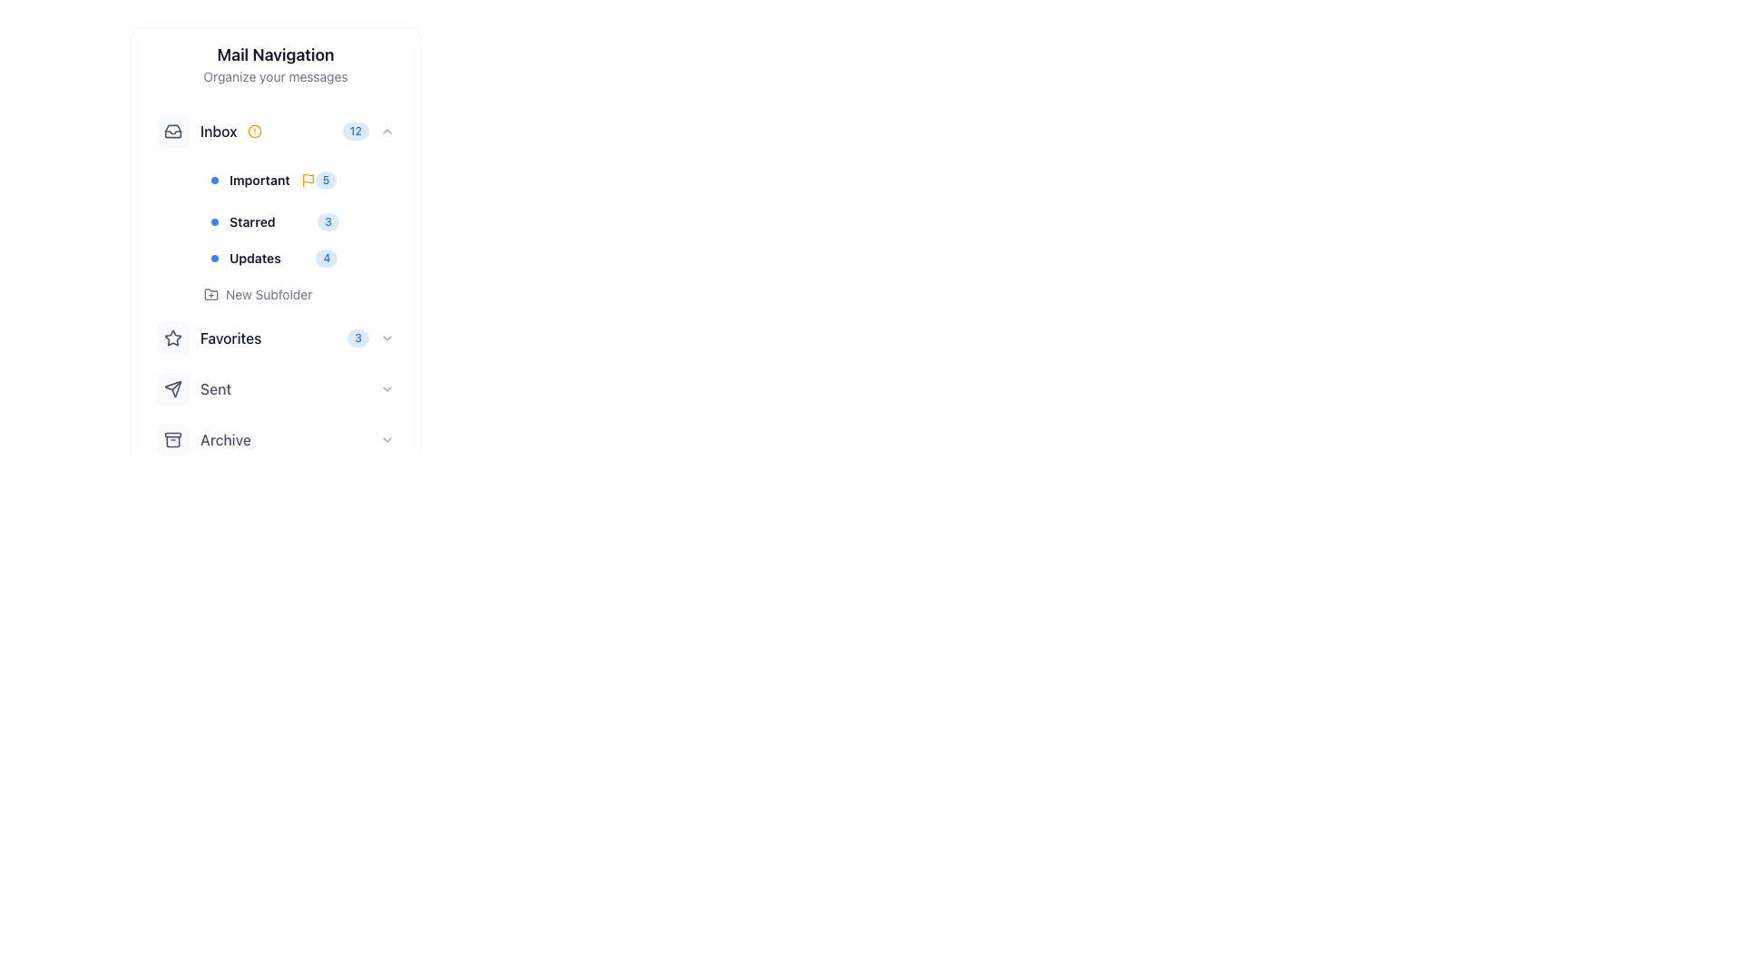 This screenshot has width=1742, height=980. What do you see at coordinates (254, 131) in the screenshot?
I see `the outermost circle of the SVG alert icon located next to the 'Inbox' label in the navigation panel` at bounding box center [254, 131].